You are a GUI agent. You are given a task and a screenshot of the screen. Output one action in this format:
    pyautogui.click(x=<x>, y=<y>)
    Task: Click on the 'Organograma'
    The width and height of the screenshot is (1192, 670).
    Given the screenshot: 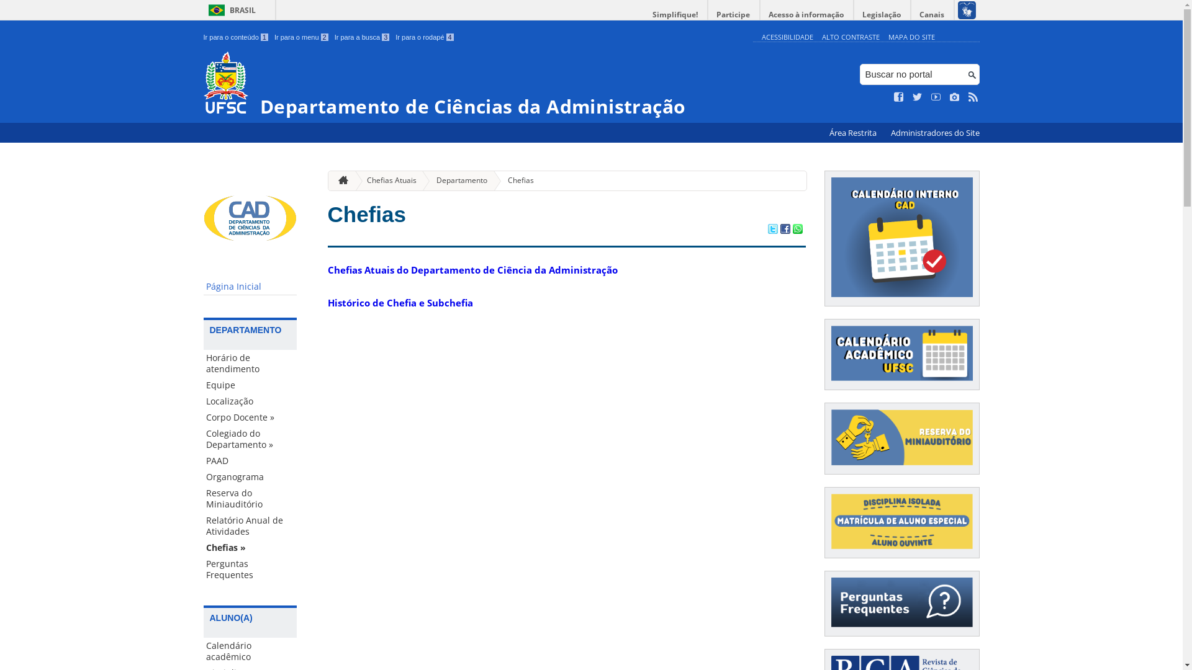 What is the action you would take?
    pyautogui.click(x=250, y=476)
    